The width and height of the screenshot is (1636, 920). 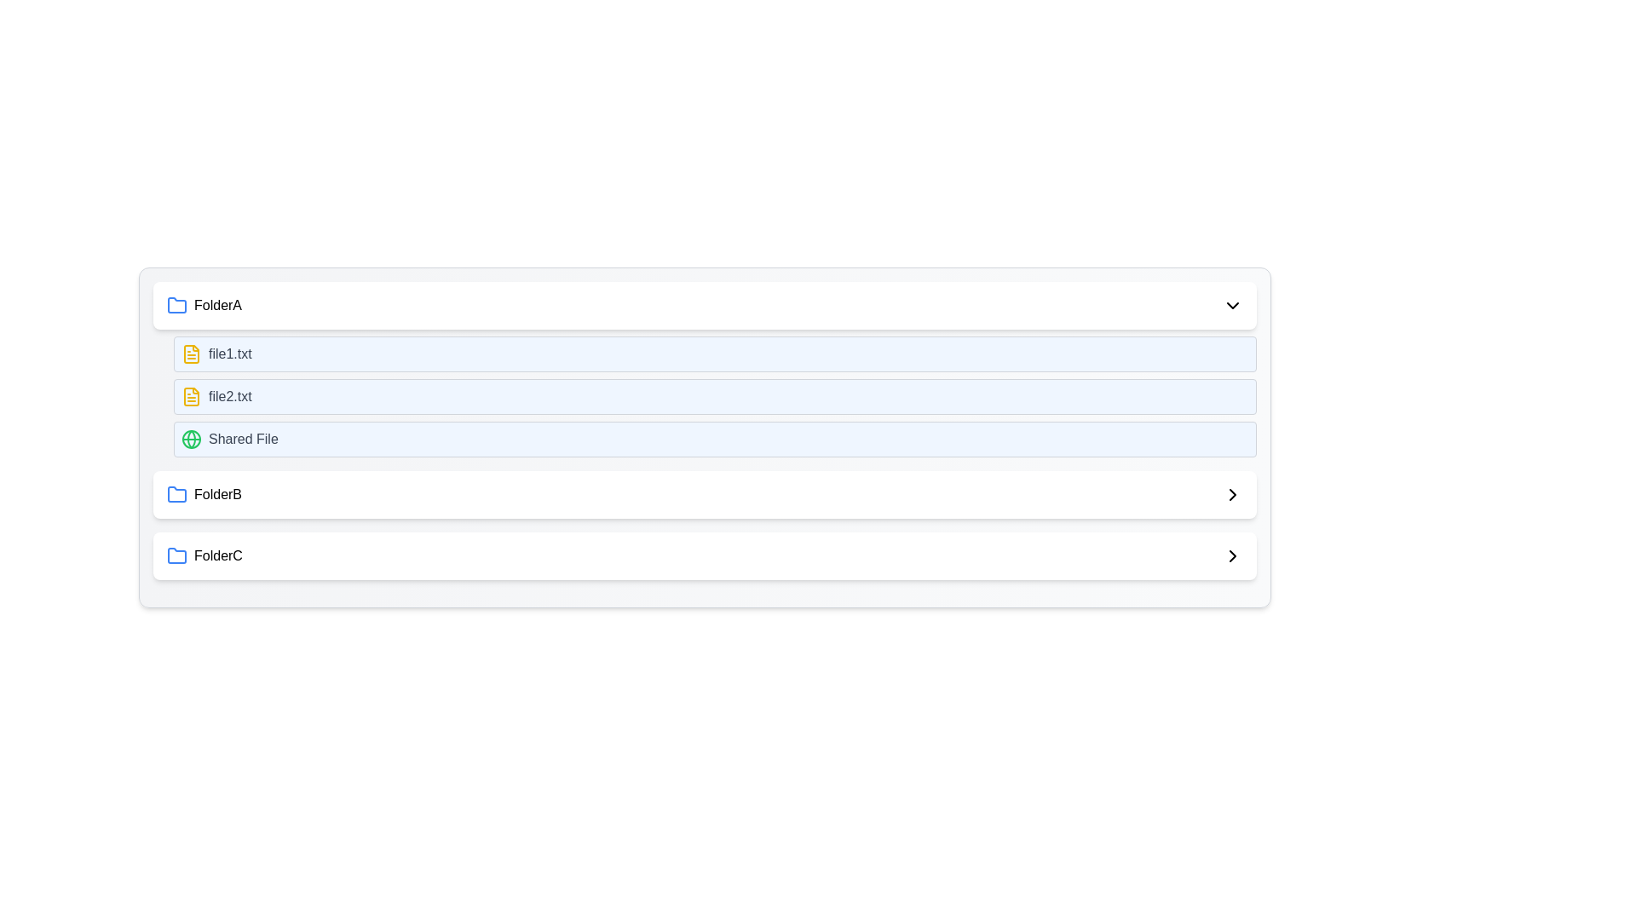 What do you see at coordinates (1232, 495) in the screenshot?
I see `the chevron icon located in the rightmost section of the rectangle associated with 'FolderB'` at bounding box center [1232, 495].